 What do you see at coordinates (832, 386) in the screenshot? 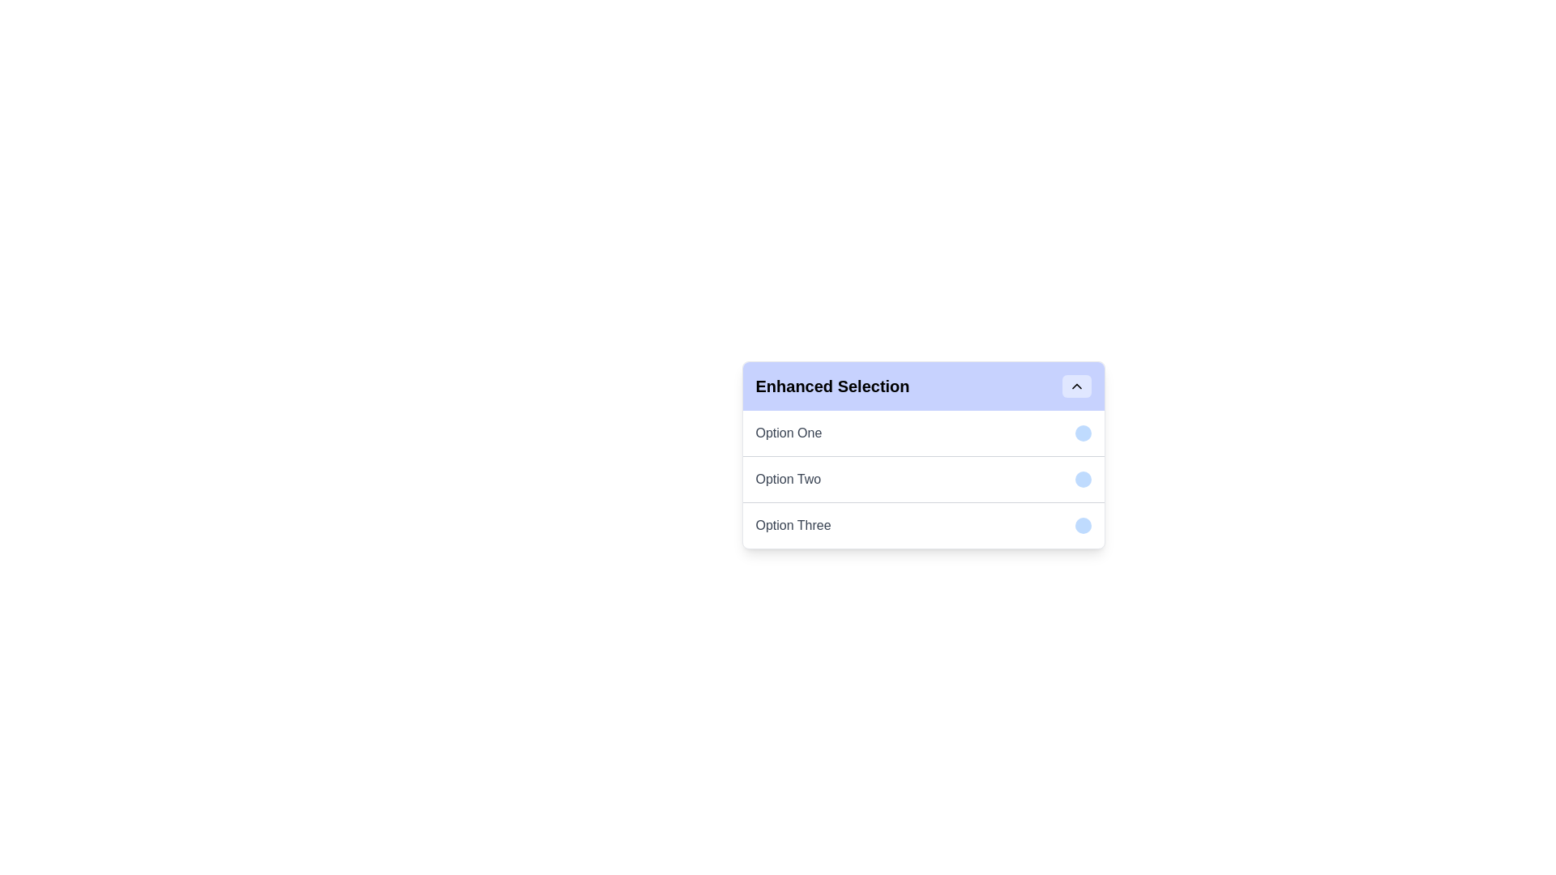
I see `the static text element displaying 'Enhanced Selection' in bold, large-sized font, styled in black against a light indigo background` at bounding box center [832, 386].